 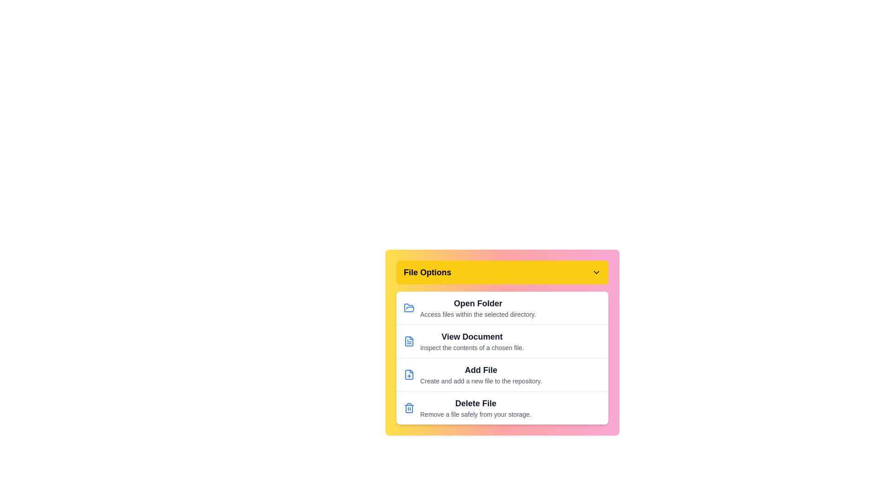 I want to click on the second action item in the 'File Options' menu, so click(x=472, y=341).